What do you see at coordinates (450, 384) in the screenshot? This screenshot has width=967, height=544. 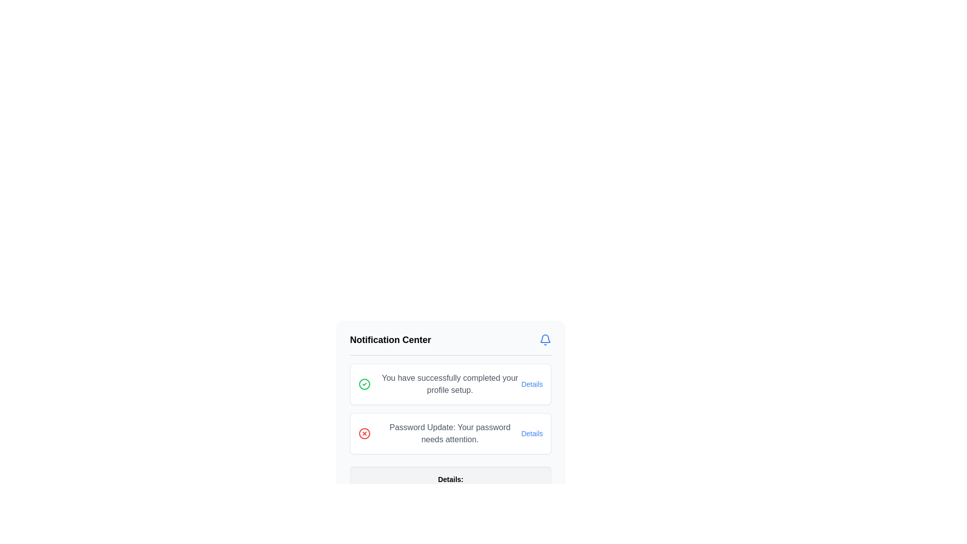 I see `the Notification card that informs the user about the successful completion of their profile setup, which is centrally positioned in the Notification Center` at bounding box center [450, 384].